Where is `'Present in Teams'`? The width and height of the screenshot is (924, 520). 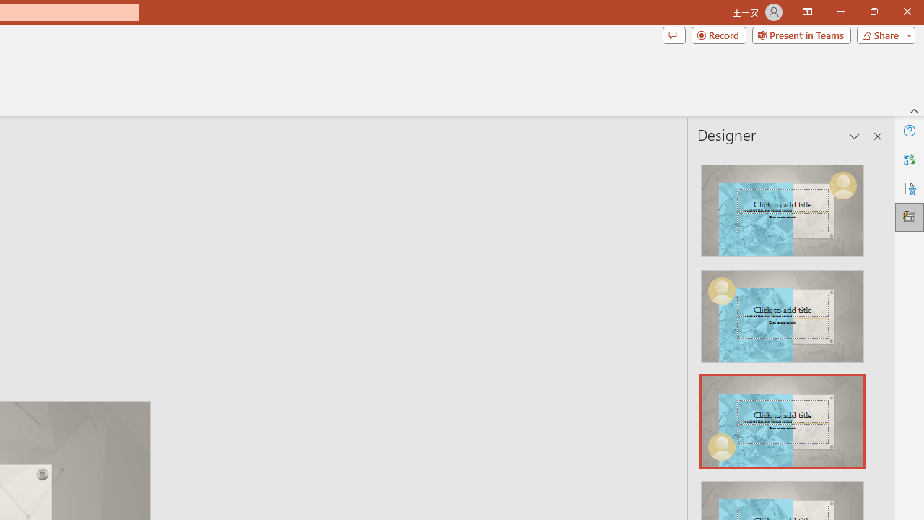 'Present in Teams' is located at coordinates (801, 34).